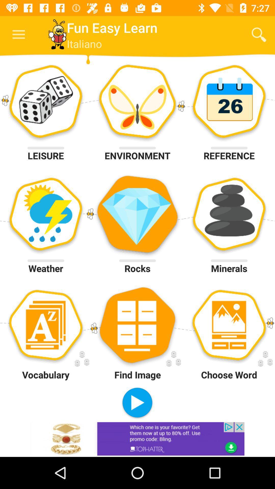 The width and height of the screenshot is (275, 489). What do you see at coordinates (137, 403) in the screenshot?
I see `the play icon` at bounding box center [137, 403].